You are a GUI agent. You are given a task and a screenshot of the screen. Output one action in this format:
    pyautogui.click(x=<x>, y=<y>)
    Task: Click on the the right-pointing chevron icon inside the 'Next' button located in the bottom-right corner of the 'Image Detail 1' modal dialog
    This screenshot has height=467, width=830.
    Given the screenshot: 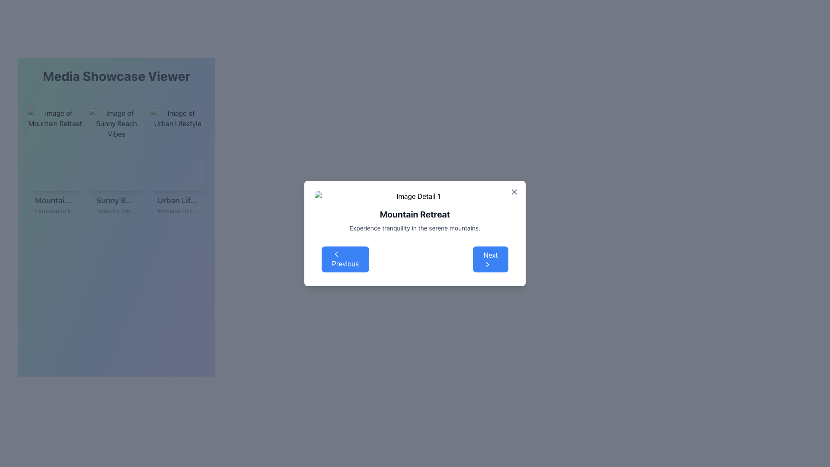 What is the action you would take?
    pyautogui.click(x=488, y=264)
    